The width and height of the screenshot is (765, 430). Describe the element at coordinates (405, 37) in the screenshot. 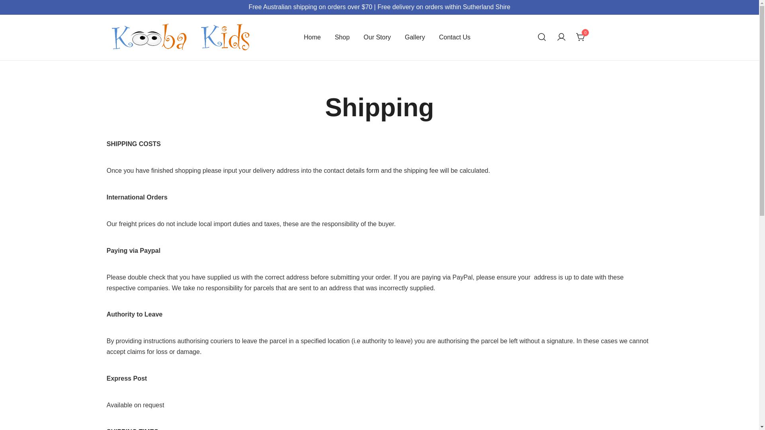

I see `'Gallery'` at that location.